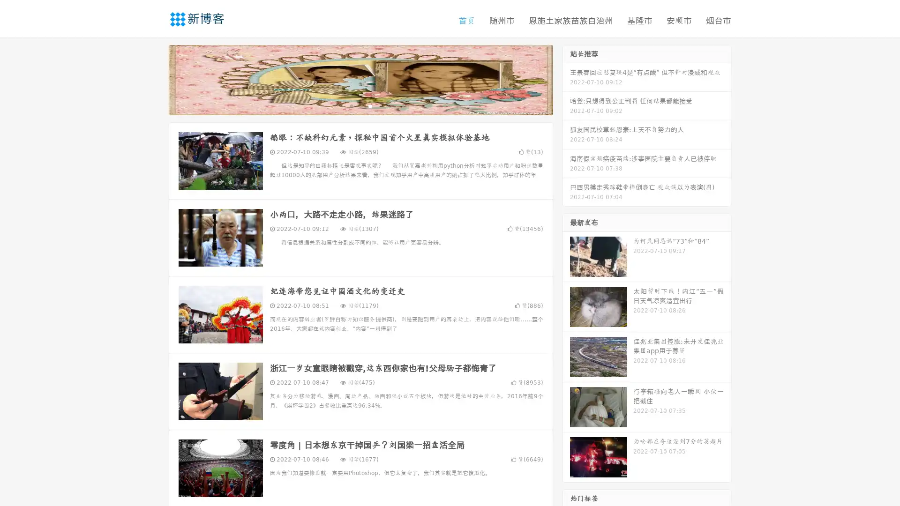 Image resolution: width=900 pixels, height=506 pixels. Describe the element at coordinates (155, 79) in the screenshot. I see `Previous slide` at that location.